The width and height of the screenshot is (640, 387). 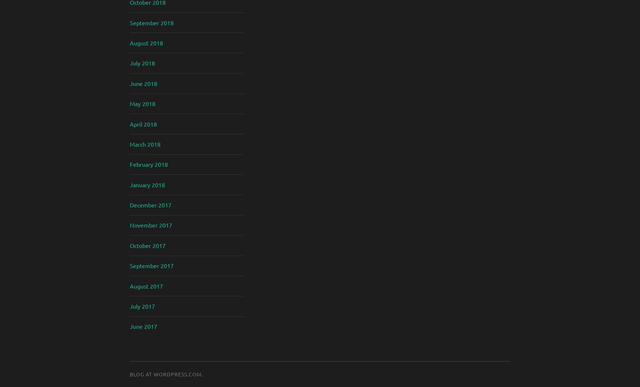 What do you see at coordinates (146, 286) in the screenshot?
I see `'August 2017'` at bounding box center [146, 286].